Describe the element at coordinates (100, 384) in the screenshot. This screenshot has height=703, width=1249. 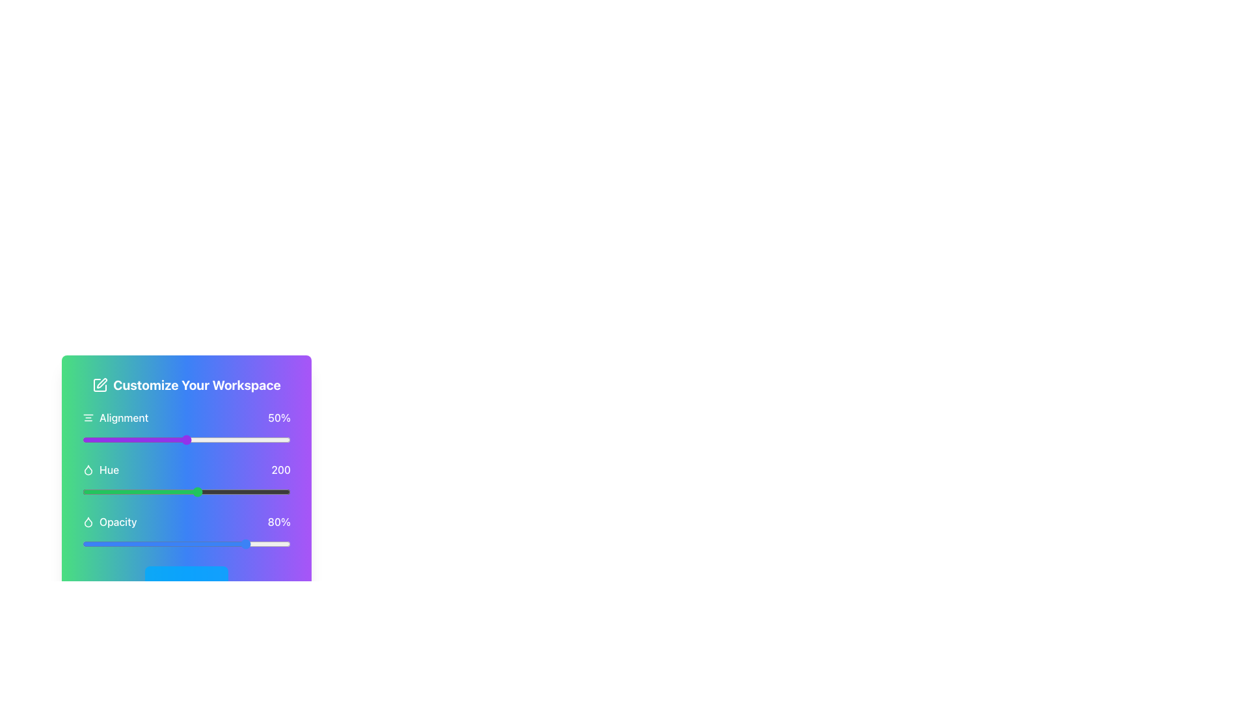
I see `the square portion of the editing icon in the top-left corner of the 'Customize Your Workspace' modal` at that location.